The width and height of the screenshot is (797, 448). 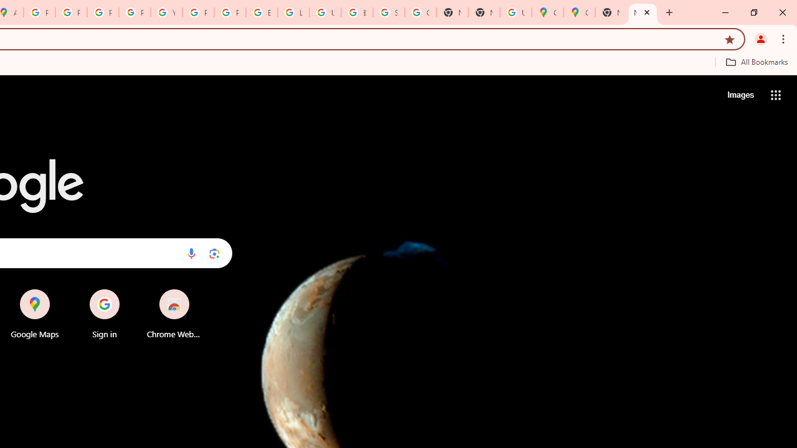 I want to click on 'New Tab', so click(x=643, y=12).